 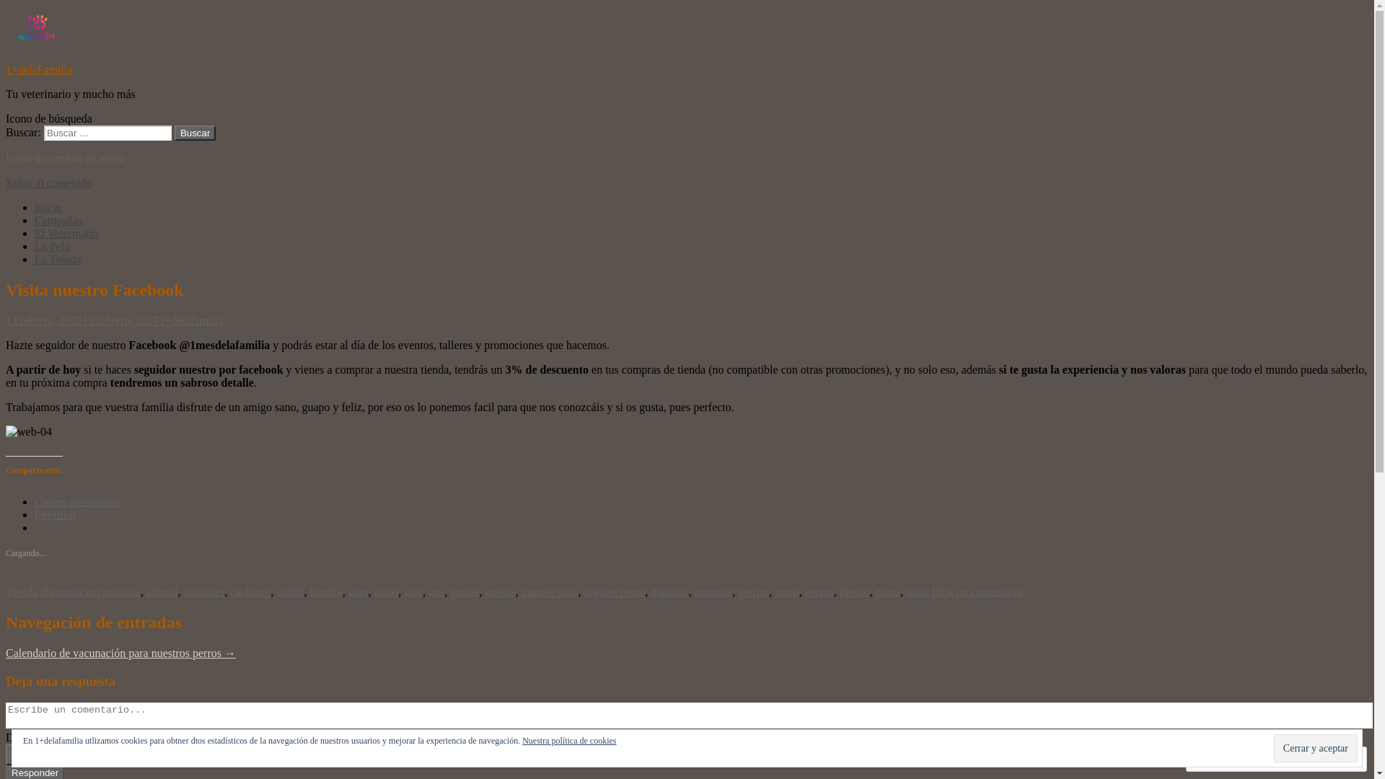 What do you see at coordinates (162, 591) in the screenshot?
I see `'animal'` at bounding box center [162, 591].